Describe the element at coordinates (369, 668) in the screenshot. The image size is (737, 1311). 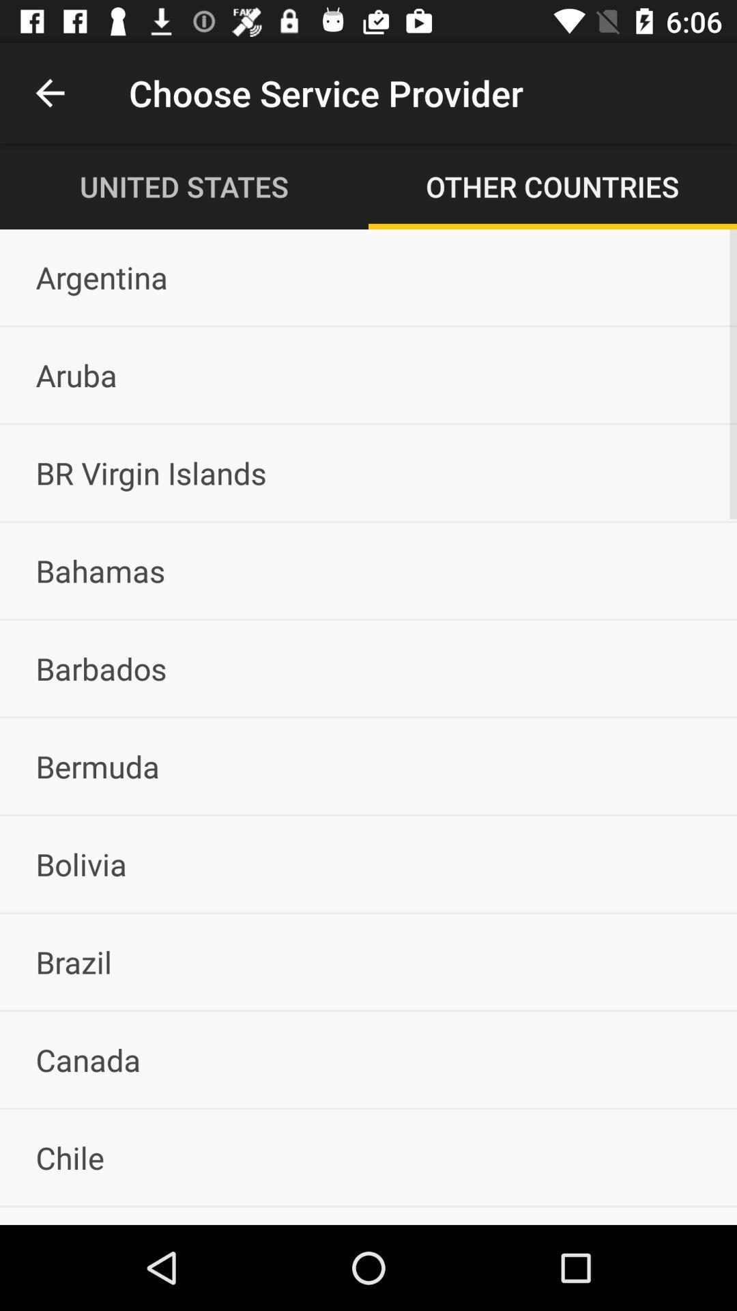
I see `the icon below the bahamas` at that location.